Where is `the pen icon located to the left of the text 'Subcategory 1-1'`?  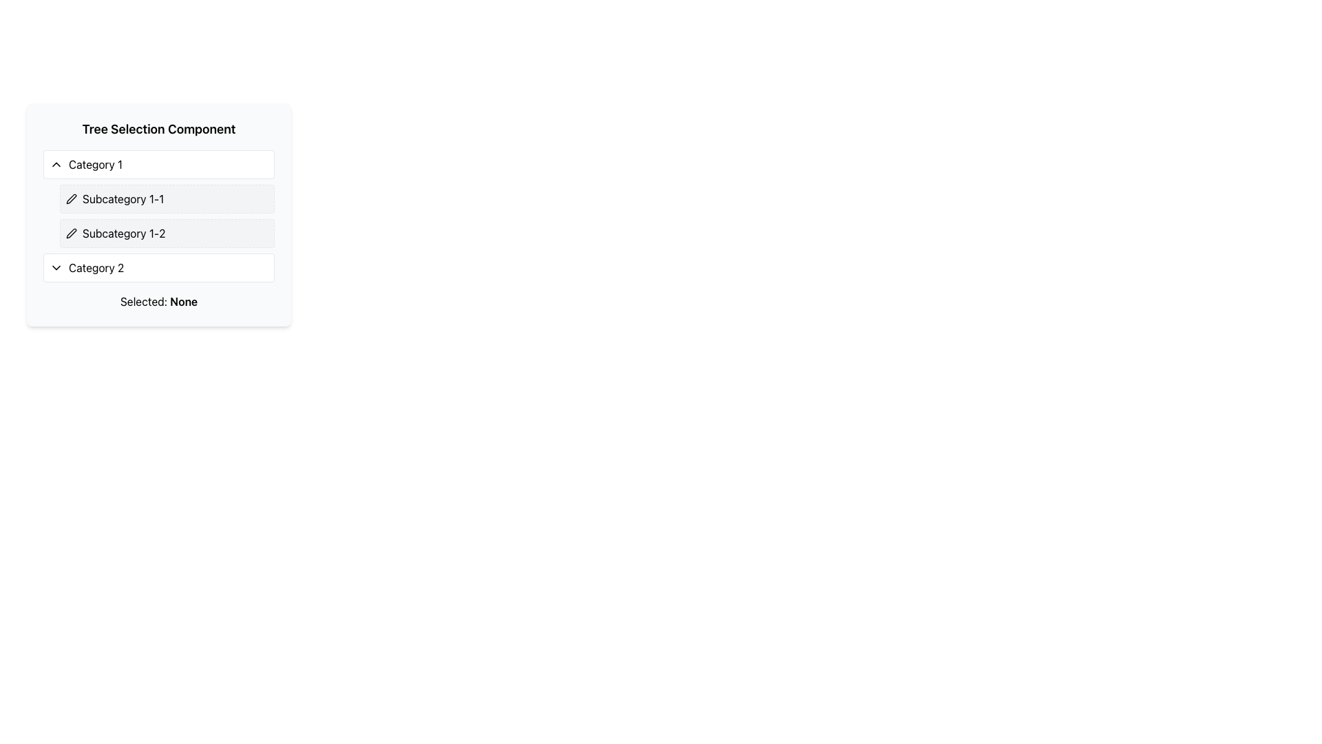
the pen icon located to the left of the text 'Subcategory 1-1' is located at coordinates (71, 199).